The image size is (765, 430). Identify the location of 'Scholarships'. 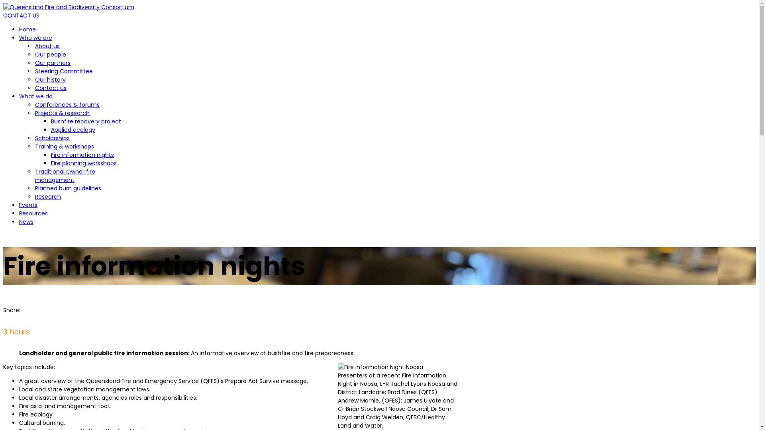
(34, 138).